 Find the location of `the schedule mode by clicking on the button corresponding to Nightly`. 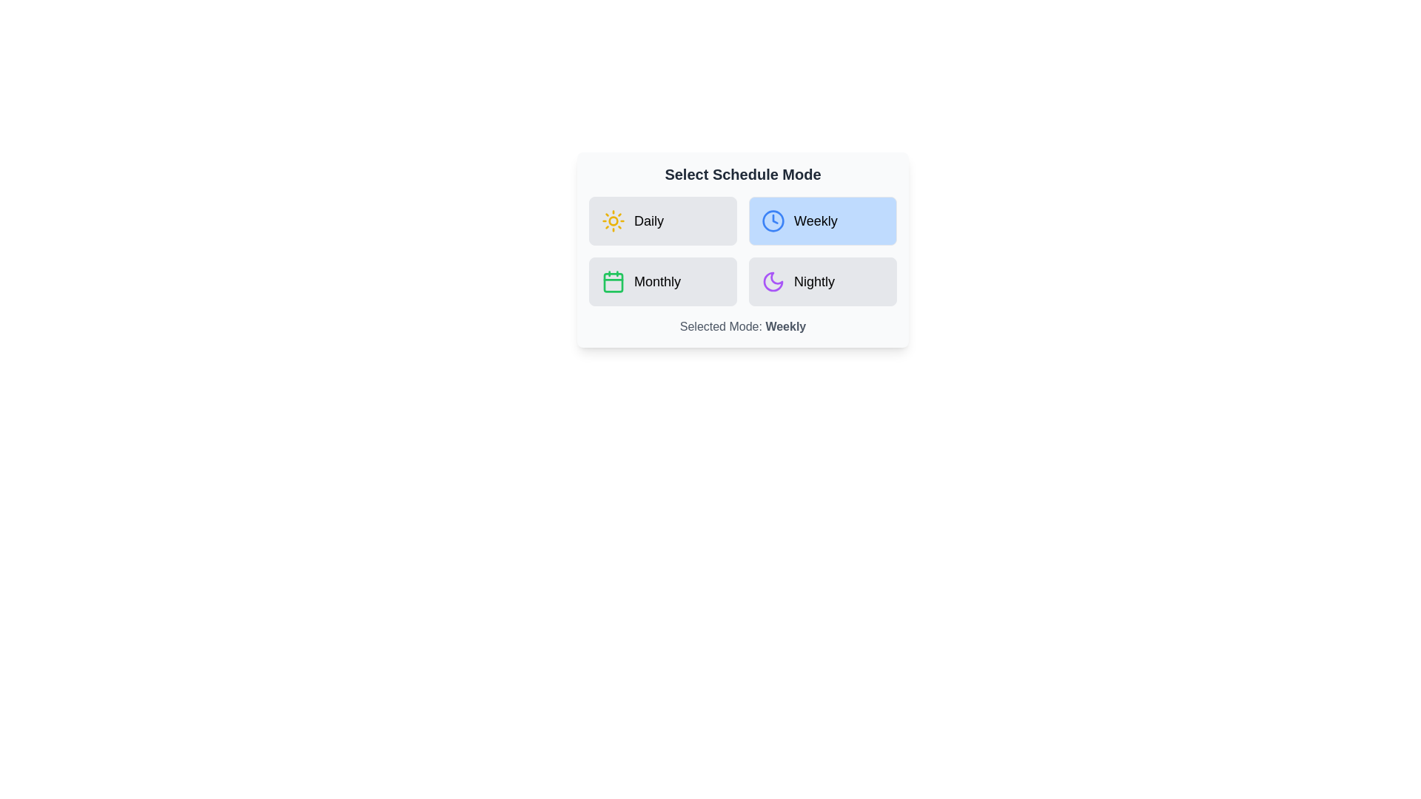

the schedule mode by clicking on the button corresponding to Nightly is located at coordinates (822, 282).